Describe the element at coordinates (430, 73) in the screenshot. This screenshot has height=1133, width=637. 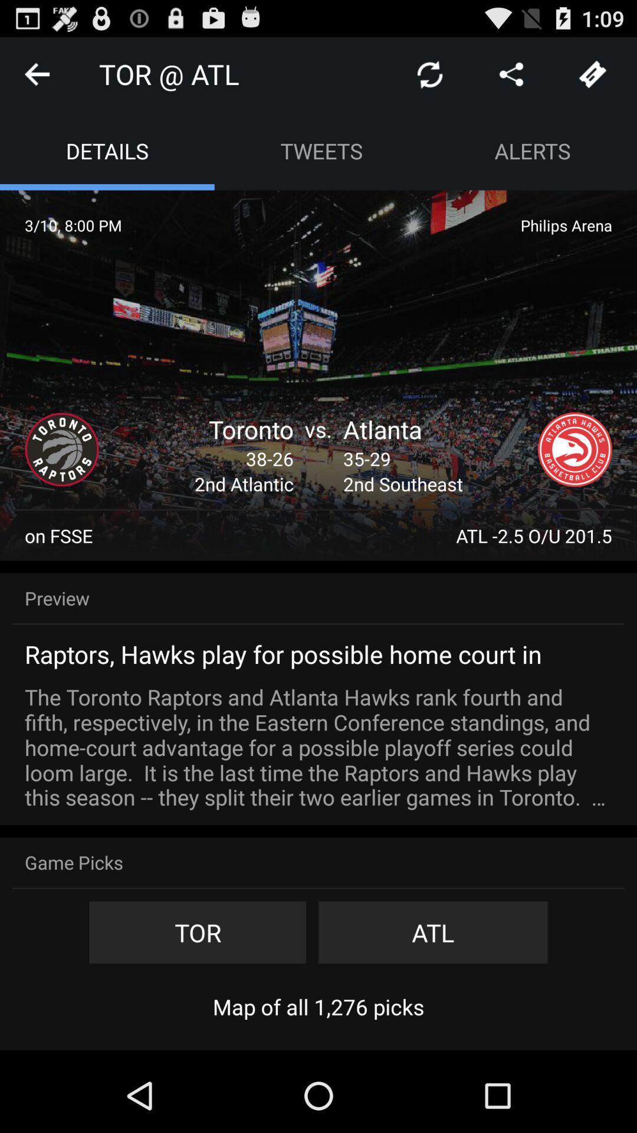
I see `refresh` at that location.